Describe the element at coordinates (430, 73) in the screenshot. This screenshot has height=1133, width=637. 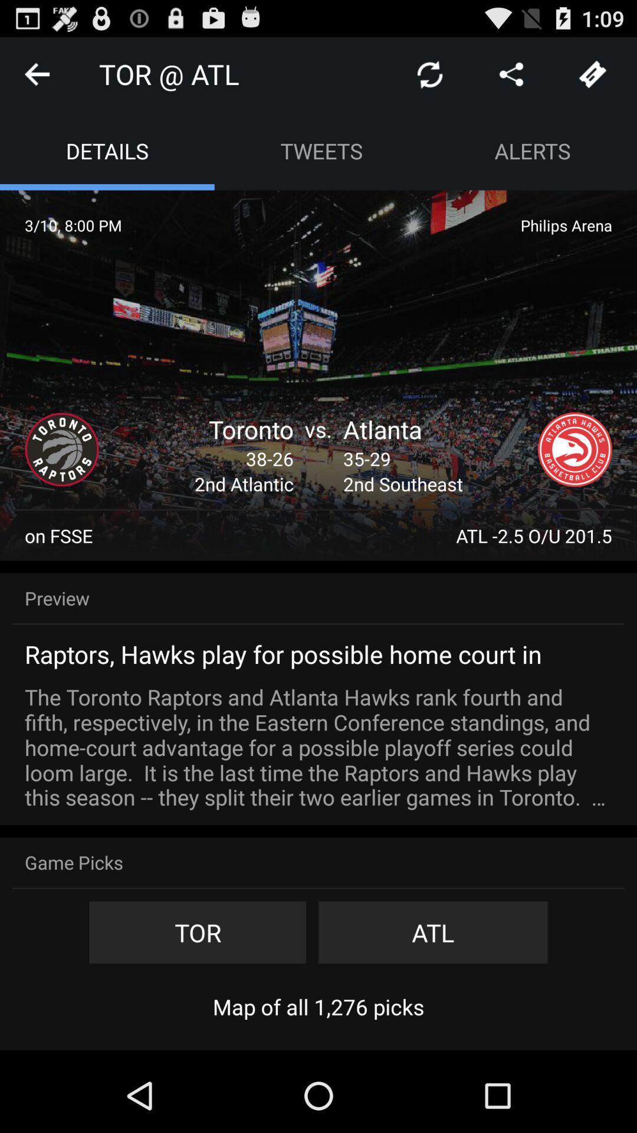
I see `refresh` at that location.